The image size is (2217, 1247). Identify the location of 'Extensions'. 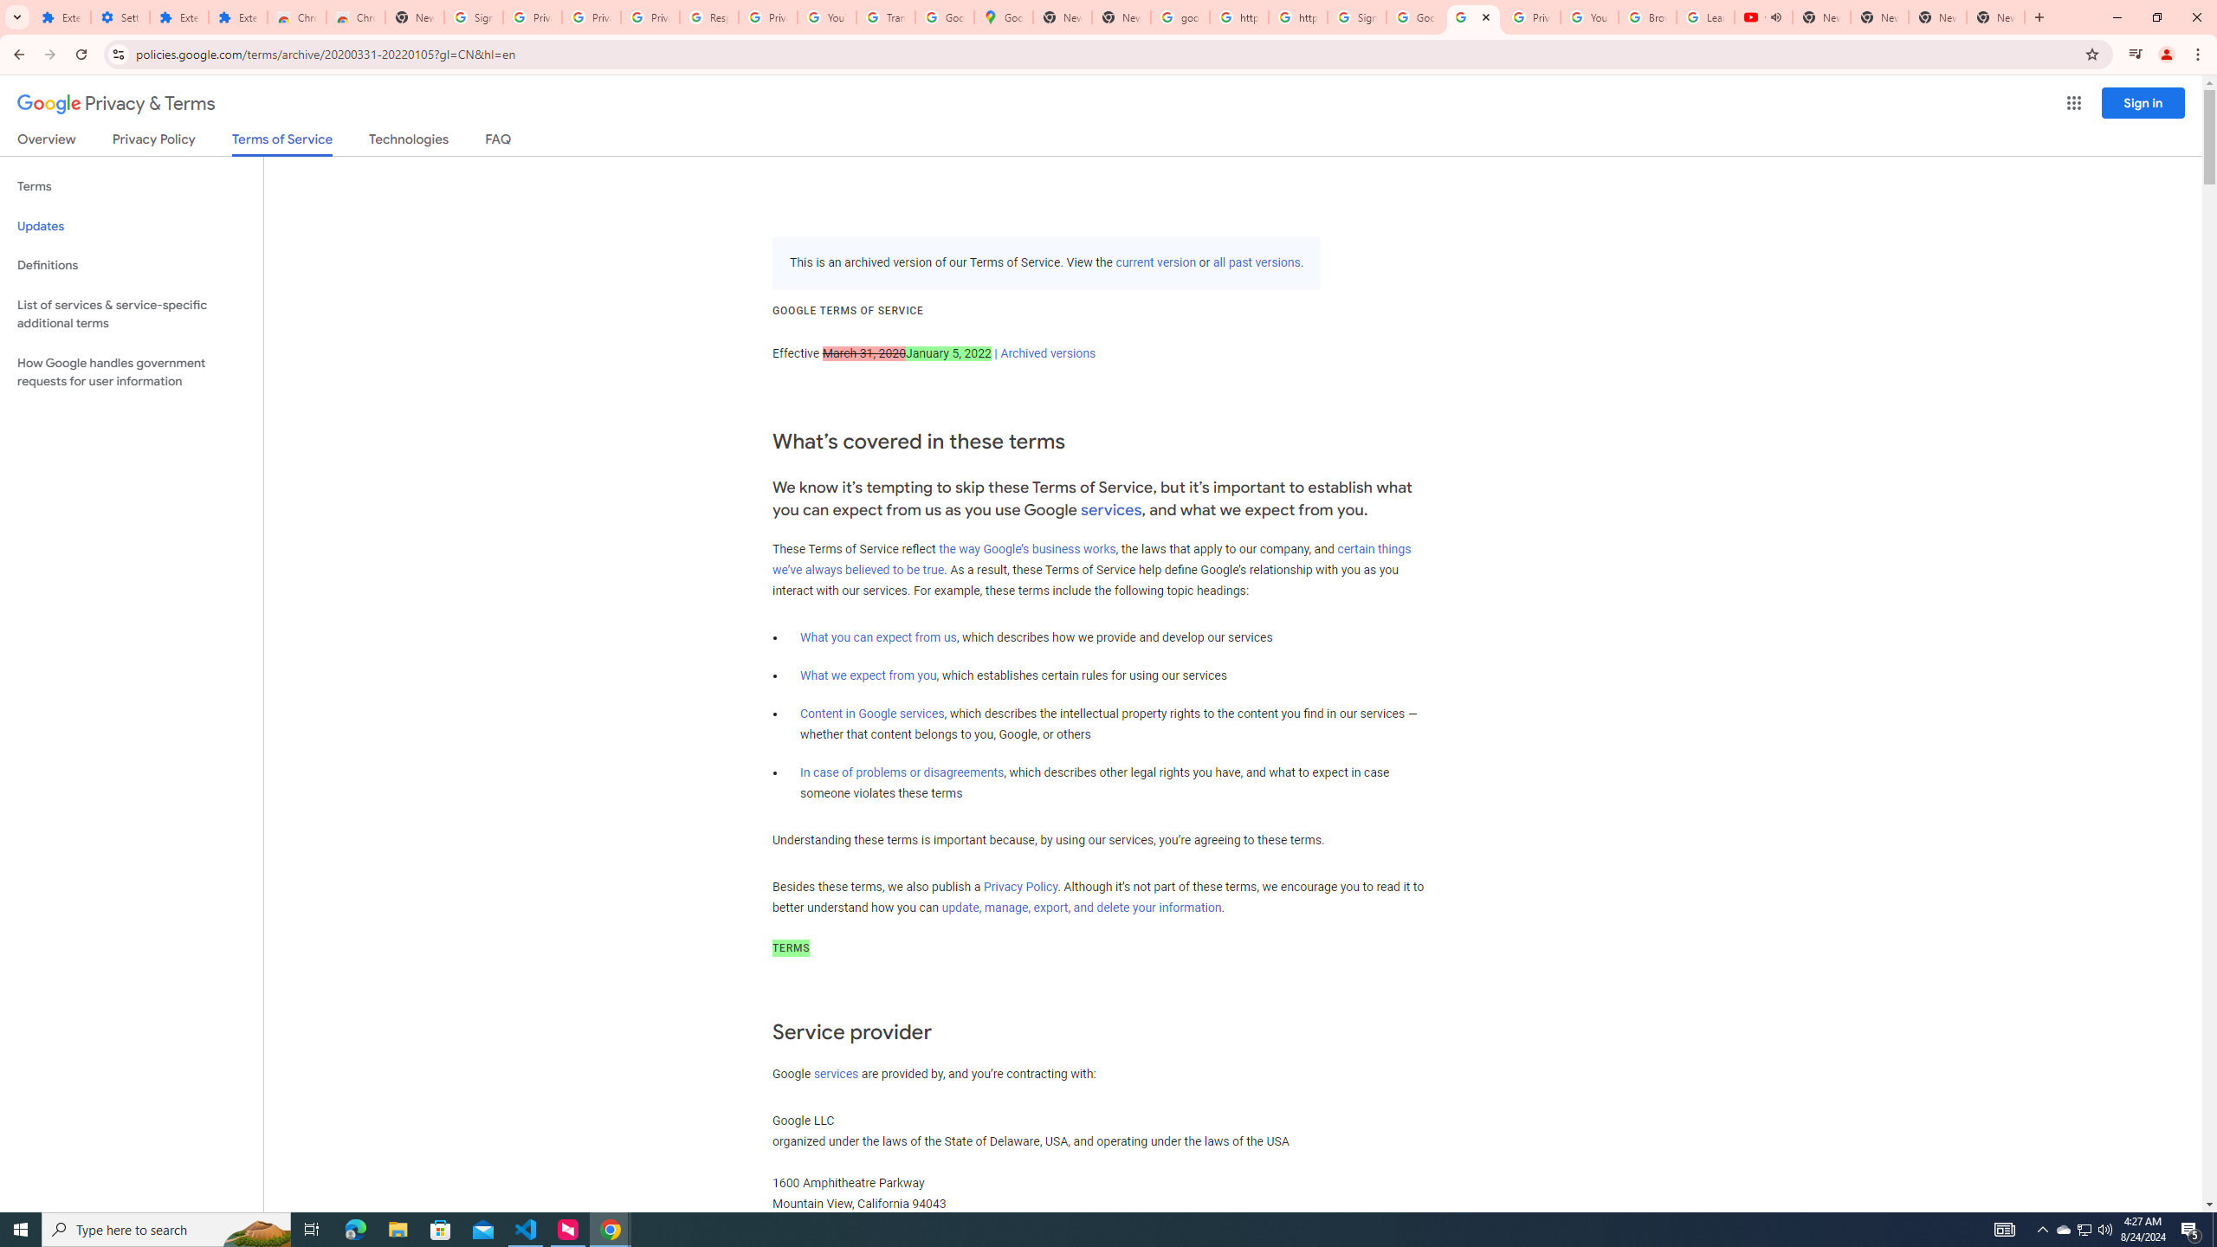
(237, 16).